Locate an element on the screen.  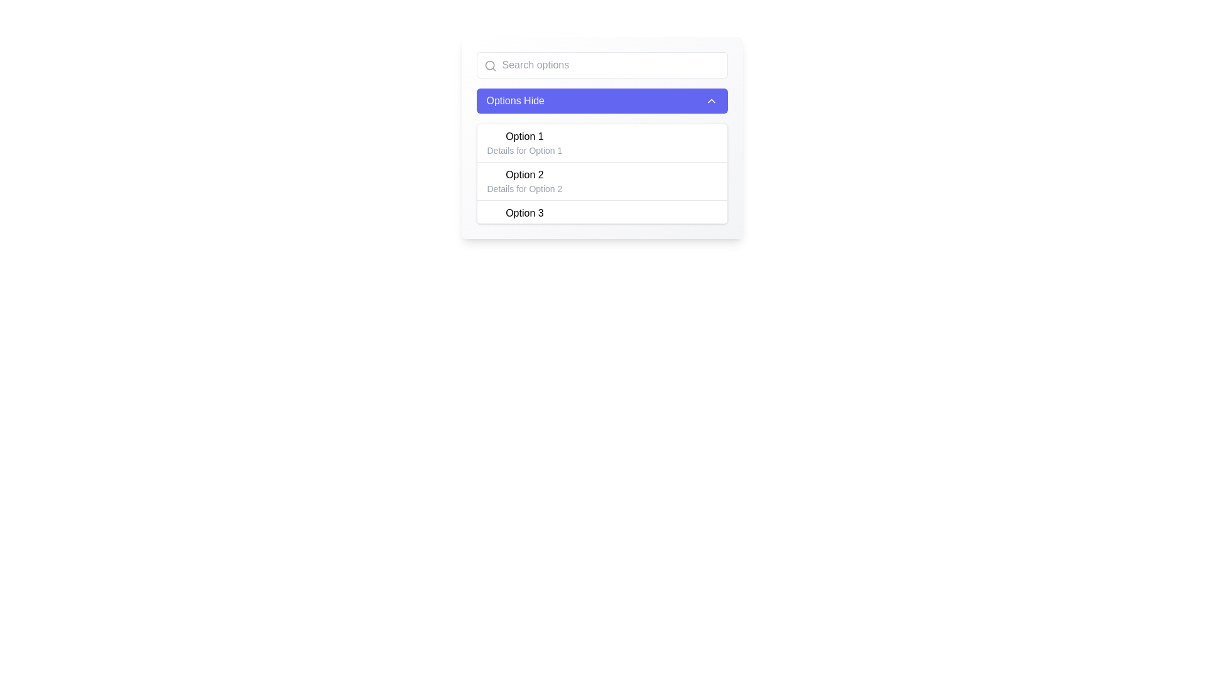
the text label 'Option 2', which is styled in bold and serves as the primary identifier for the second option in the dropdown interface, located below the blue header labeled 'Options Hide' is located at coordinates (524, 175).